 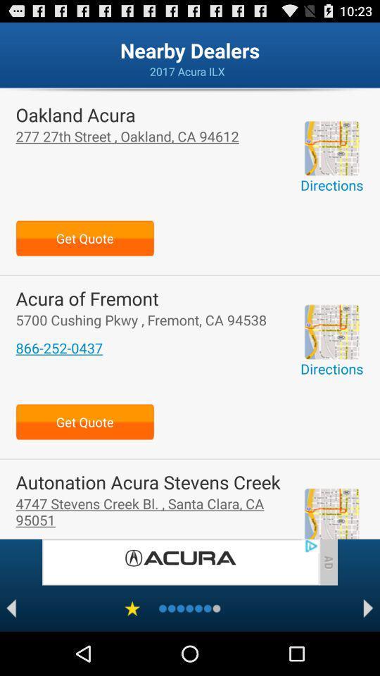 I want to click on back page button, so click(x=11, y=608).